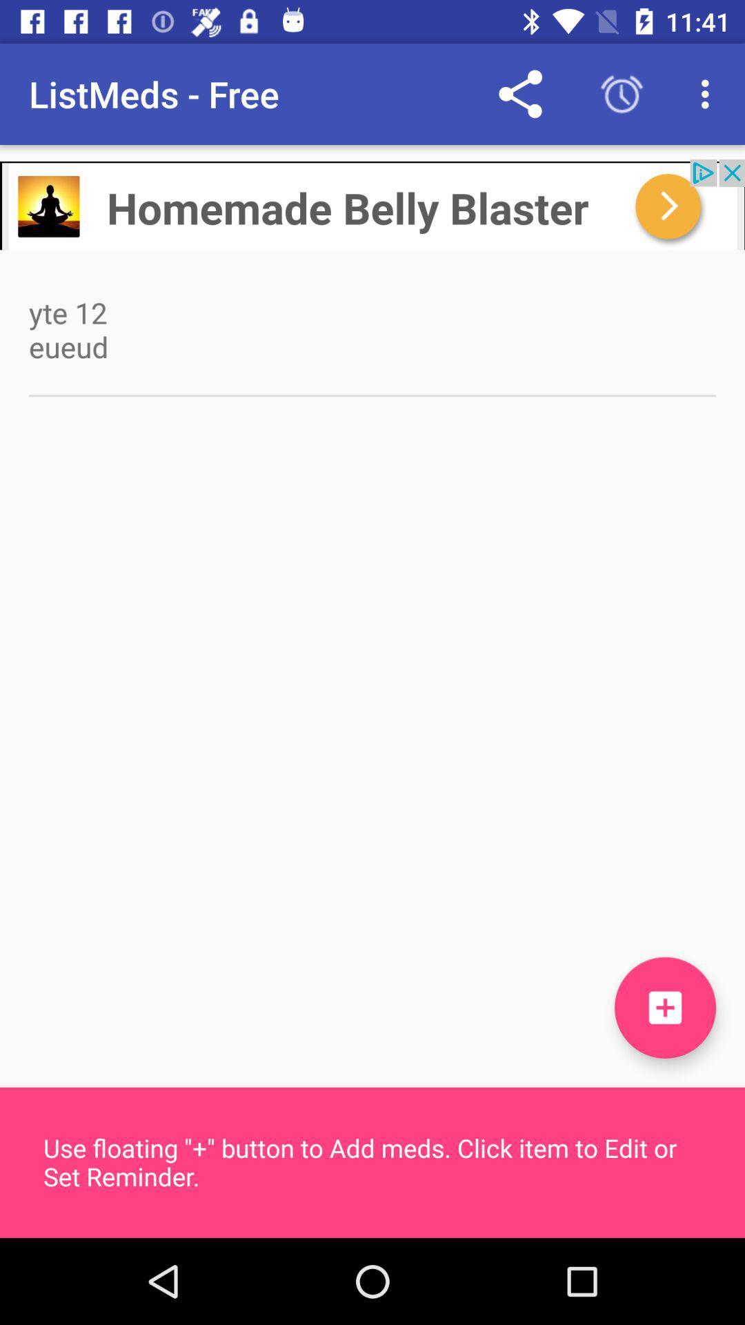 The width and height of the screenshot is (745, 1325). What do you see at coordinates (664, 1008) in the screenshot?
I see `to favorites` at bounding box center [664, 1008].